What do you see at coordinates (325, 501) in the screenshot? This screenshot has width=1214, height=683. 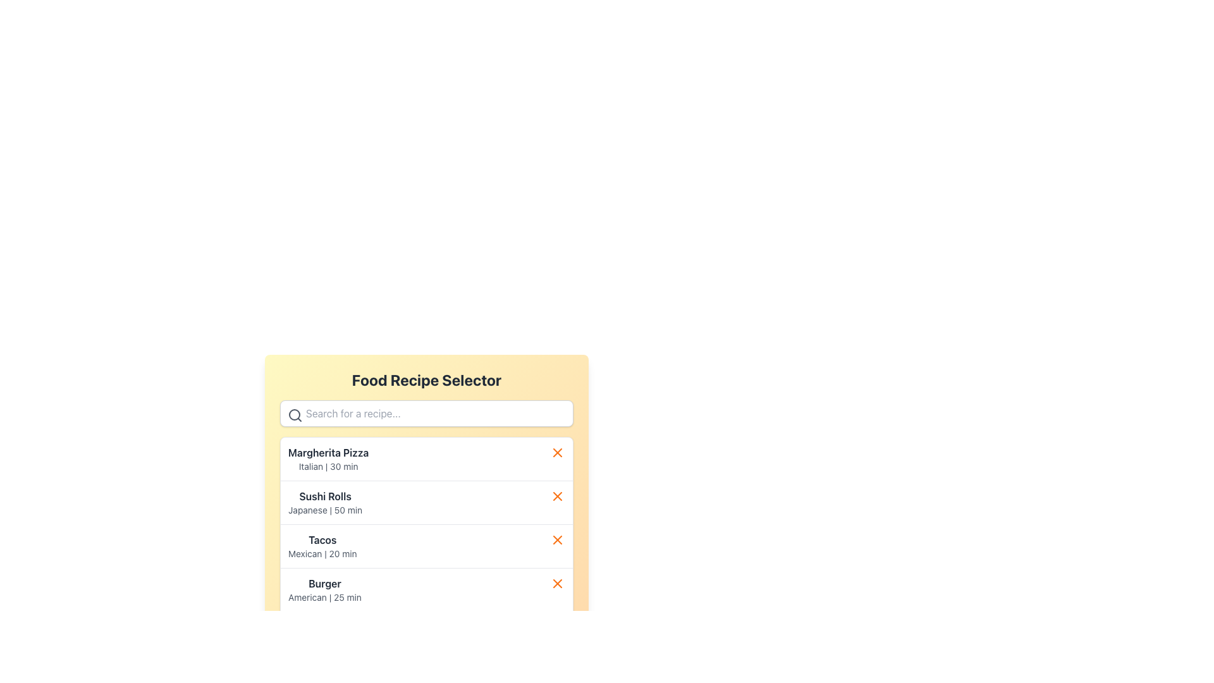 I see `the second selectable list item in the 'Food Recipe Selector' panel, which provides details about a recipe, positioned between 'Margherita Pizza' and 'Tacos'` at bounding box center [325, 501].